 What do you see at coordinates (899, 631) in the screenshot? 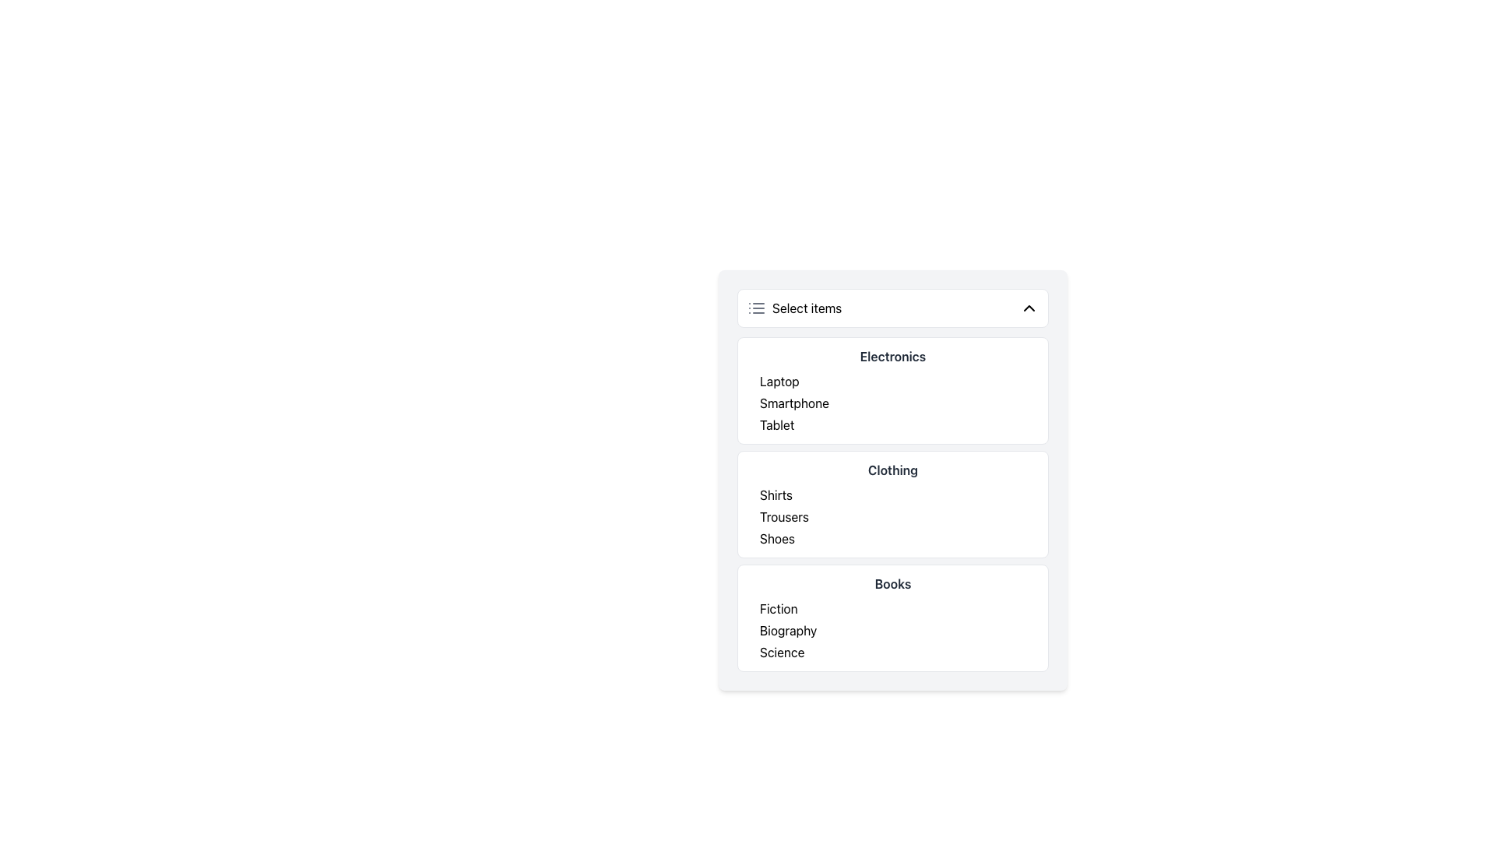
I see `the 'Biography' option in the selectable list of categories under the 'Books' category` at bounding box center [899, 631].